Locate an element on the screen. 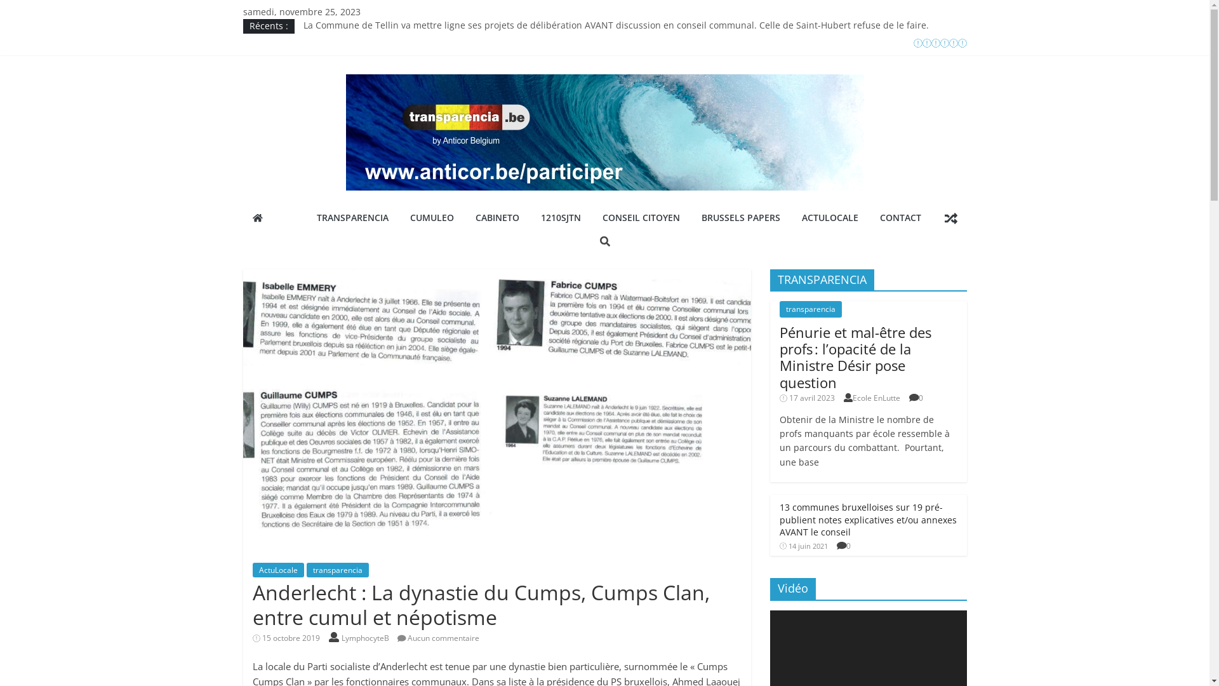  'ActuLocale' is located at coordinates (253, 569).